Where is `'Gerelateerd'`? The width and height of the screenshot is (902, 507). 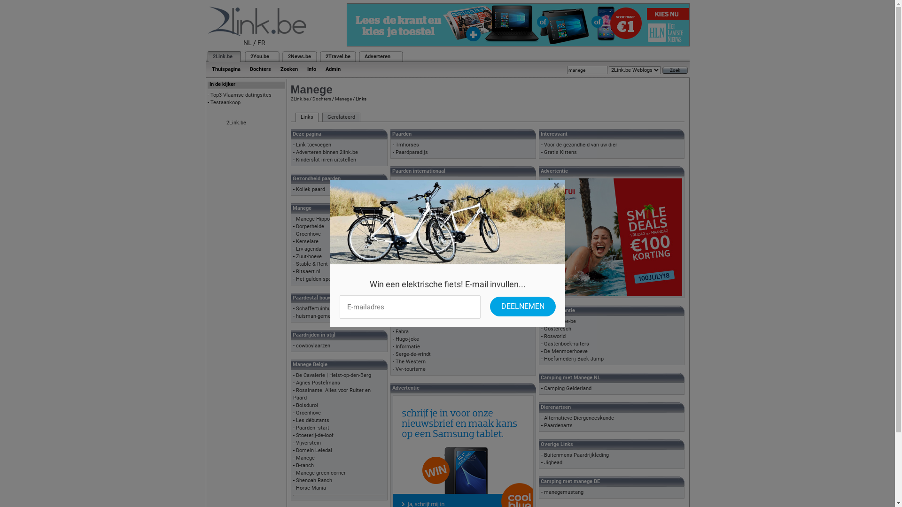 'Gerelateerd' is located at coordinates (322, 117).